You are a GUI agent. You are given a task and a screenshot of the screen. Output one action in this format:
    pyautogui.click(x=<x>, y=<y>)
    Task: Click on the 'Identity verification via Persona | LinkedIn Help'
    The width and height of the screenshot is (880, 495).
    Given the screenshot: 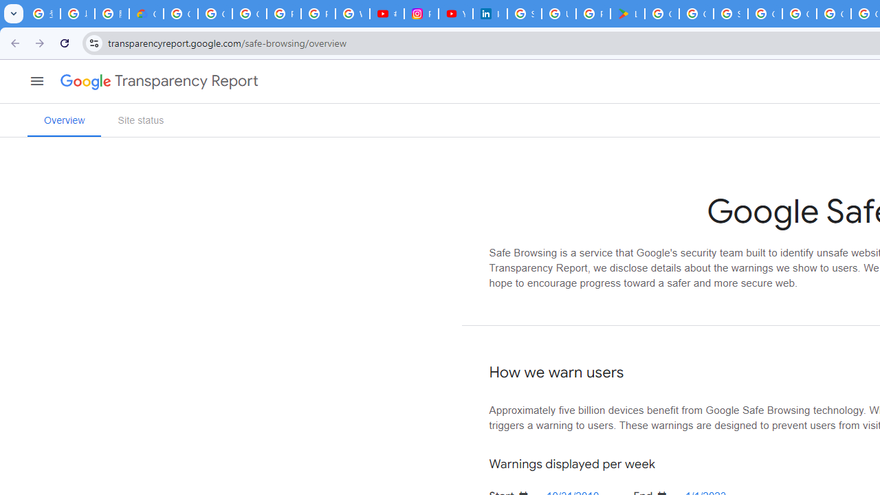 What is the action you would take?
    pyautogui.click(x=489, y=14)
    